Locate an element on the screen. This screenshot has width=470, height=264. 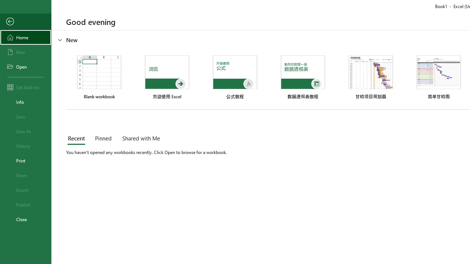
'Info' is located at coordinates (25, 102).